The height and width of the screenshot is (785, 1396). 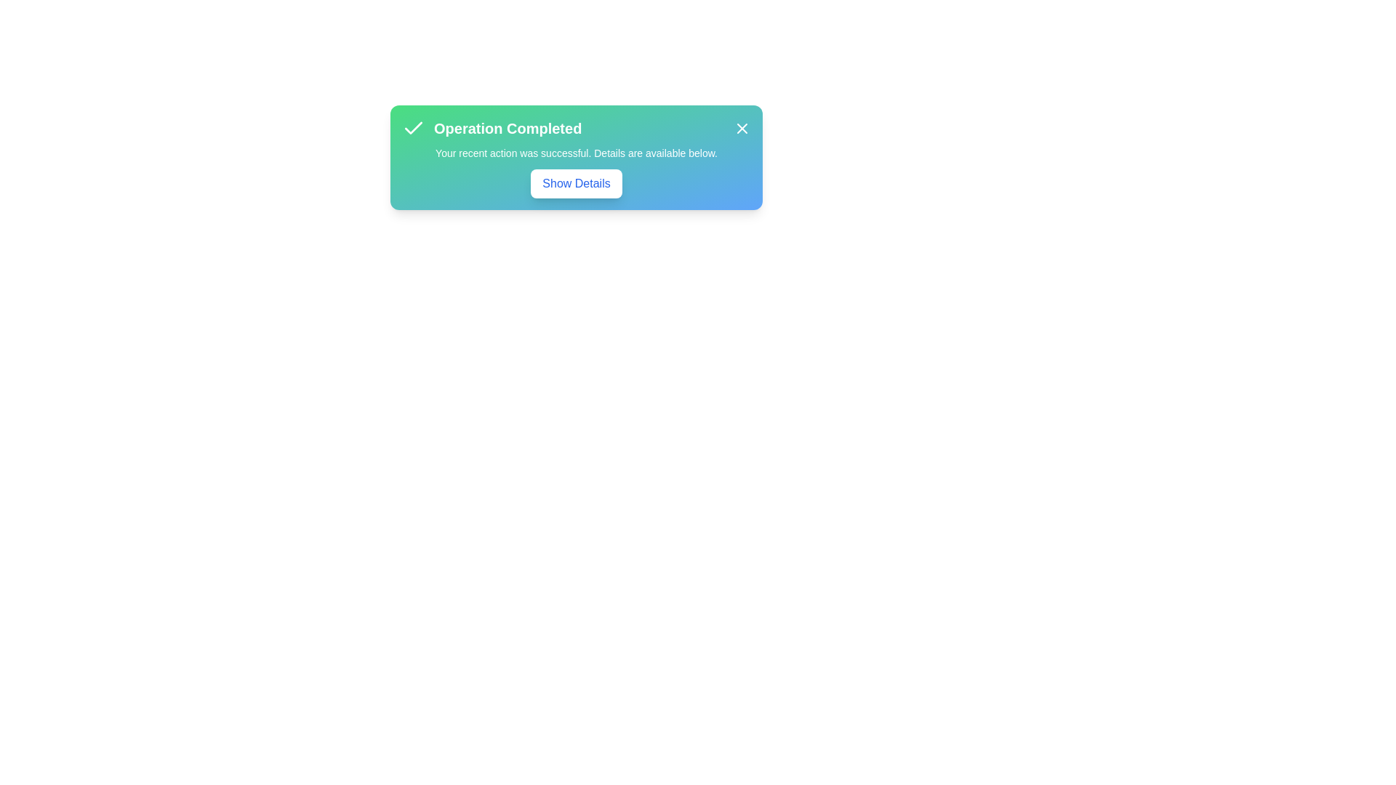 What do you see at coordinates (575, 183) in the screenshot?
I see `the 'Show Details' button to toggle the display of additional details` at bounding box center [575, 183].